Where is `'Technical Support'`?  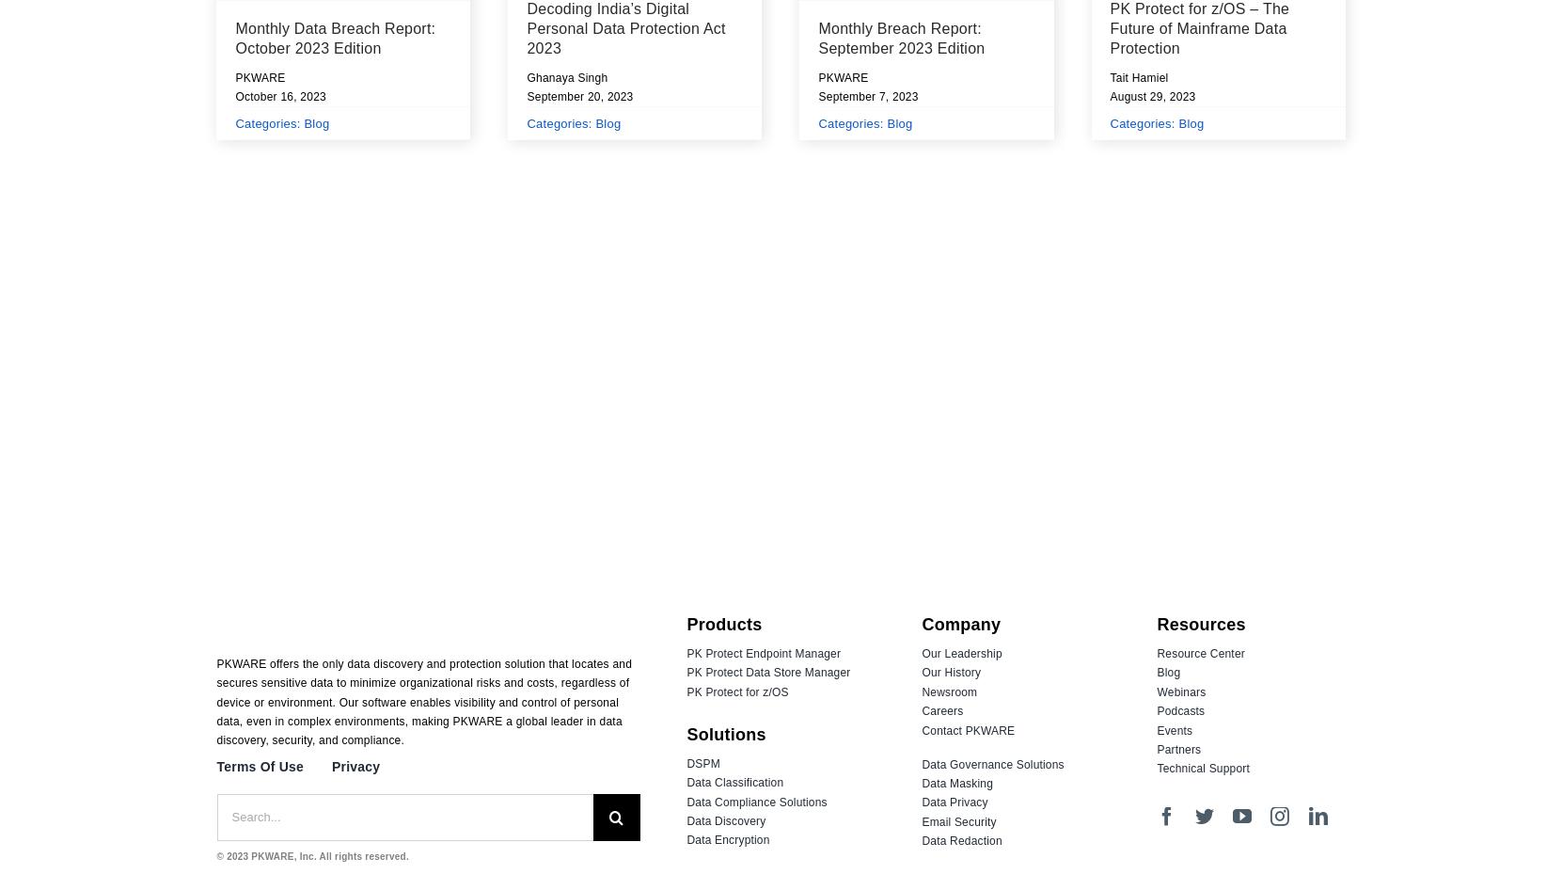
'Technical Support' is located at coordinates (1202, 768).